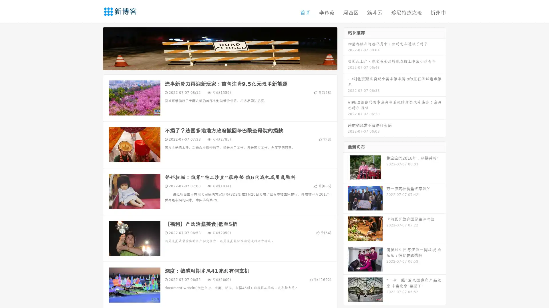 The image size is (549, 308). Describe the element at coordinates (220, 64) in the screenshot. I see `Go to slide 2` at that location.